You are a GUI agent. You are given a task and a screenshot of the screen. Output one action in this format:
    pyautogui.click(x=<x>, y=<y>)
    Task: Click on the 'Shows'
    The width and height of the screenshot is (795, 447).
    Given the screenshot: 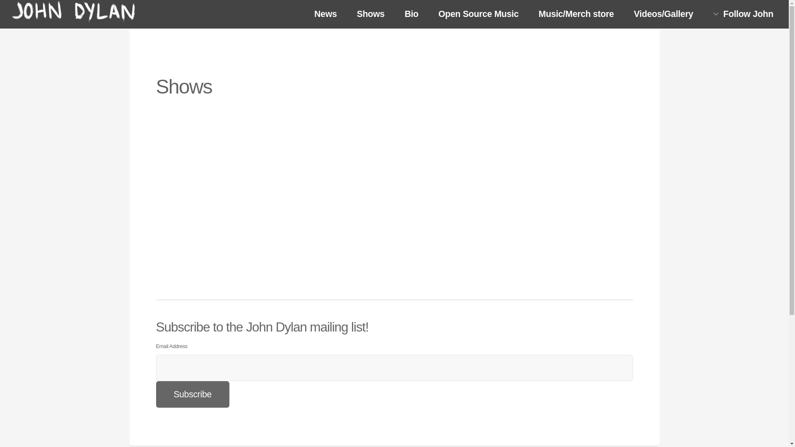 What is the action you would take?
    pyautogui.click(x=370, y=14)
    